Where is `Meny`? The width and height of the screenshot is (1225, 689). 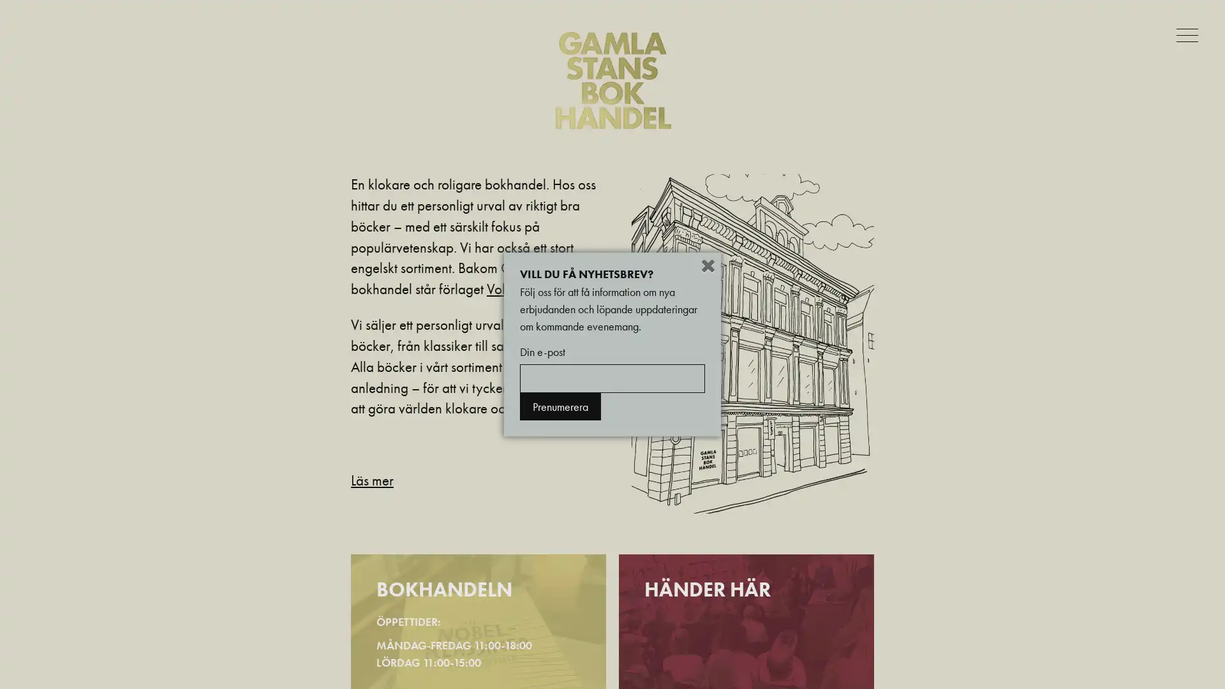
Meny is located at coordinates (1189, 34).